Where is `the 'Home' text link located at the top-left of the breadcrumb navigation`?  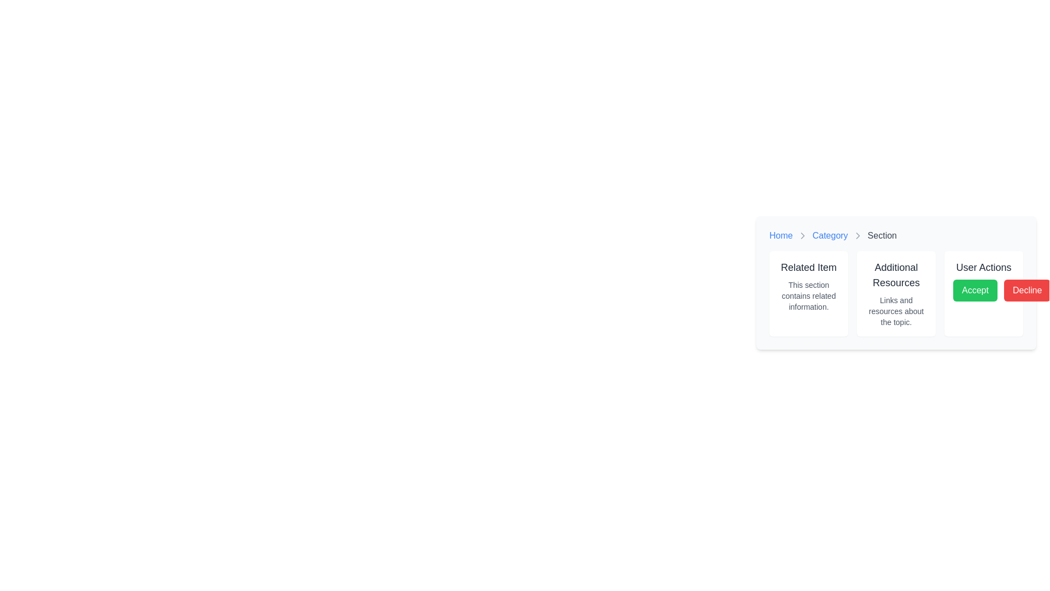
the 'Home' text link located at the top-left of the breadcrumb navigation is located at coordinates (780, 235).